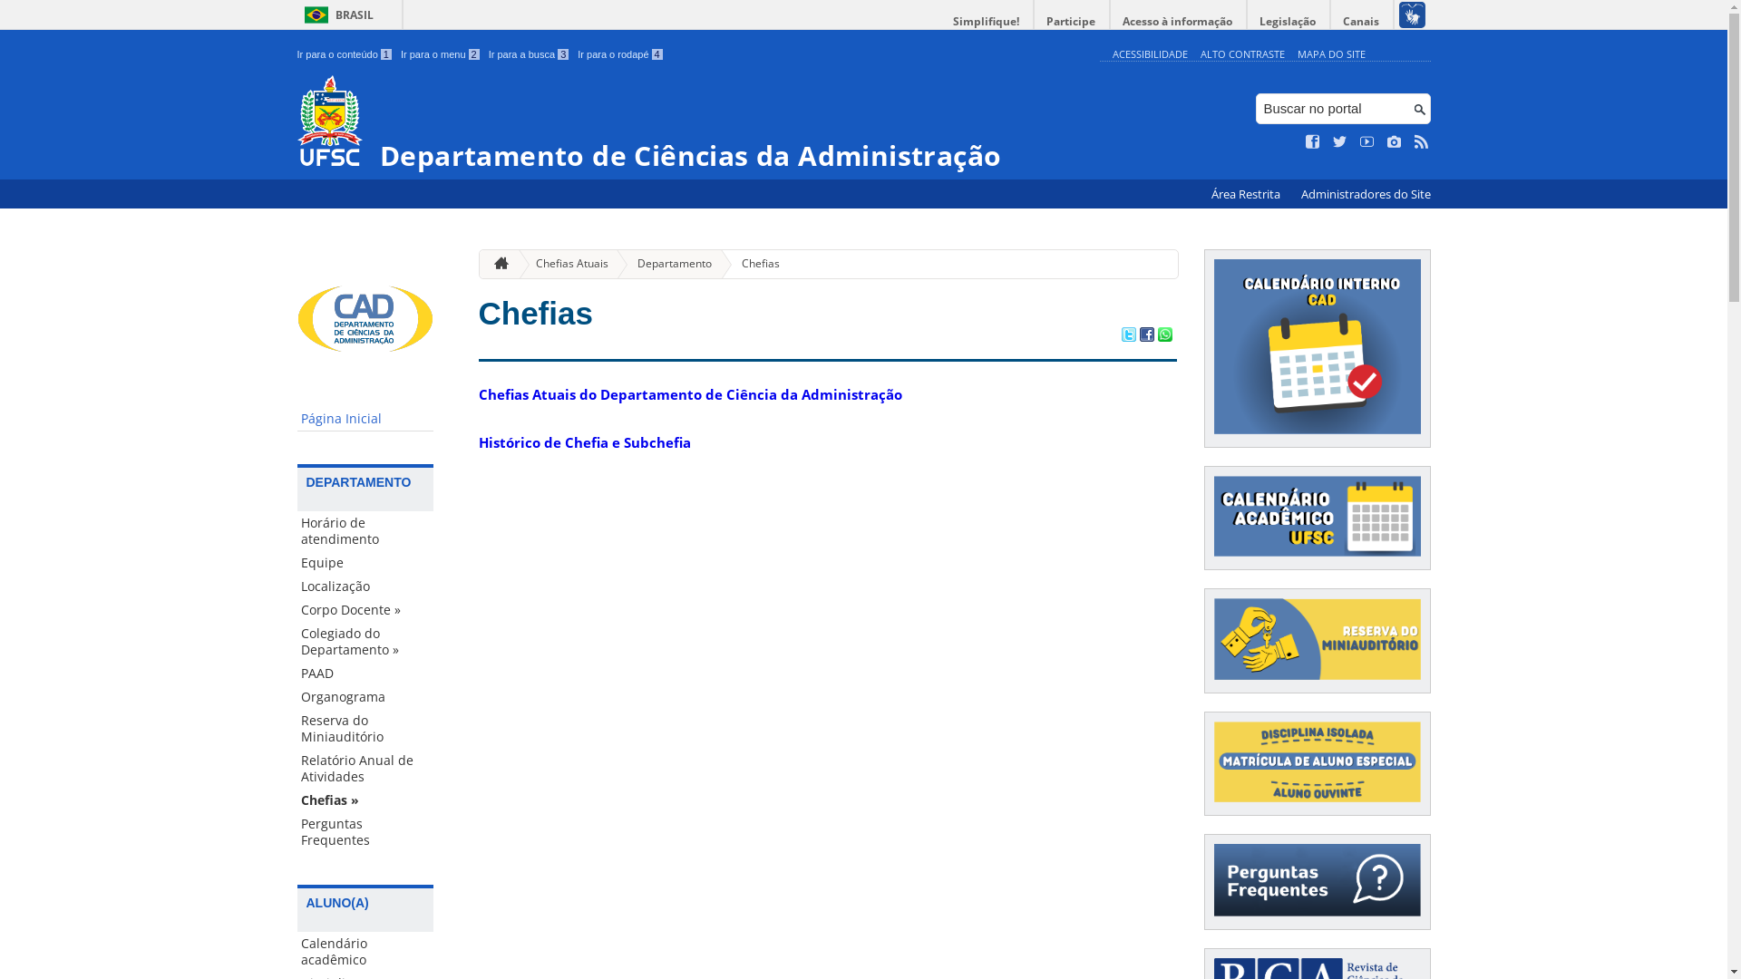 This screenshot has height=979, width=1741. What do you see at coordinates (1365, 194) in the screenshot?
I see `'Administradores do Site'` at bounding box center [1365, 194].